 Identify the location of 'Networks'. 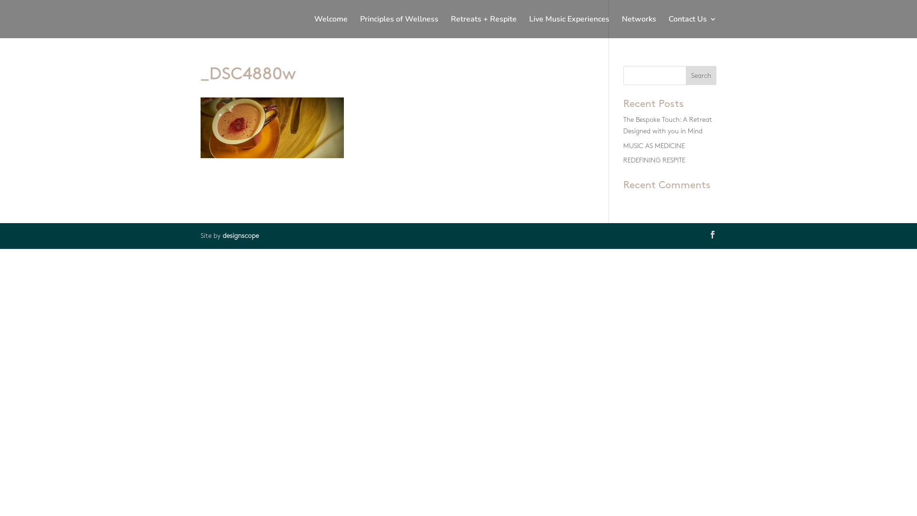
(621, 26).